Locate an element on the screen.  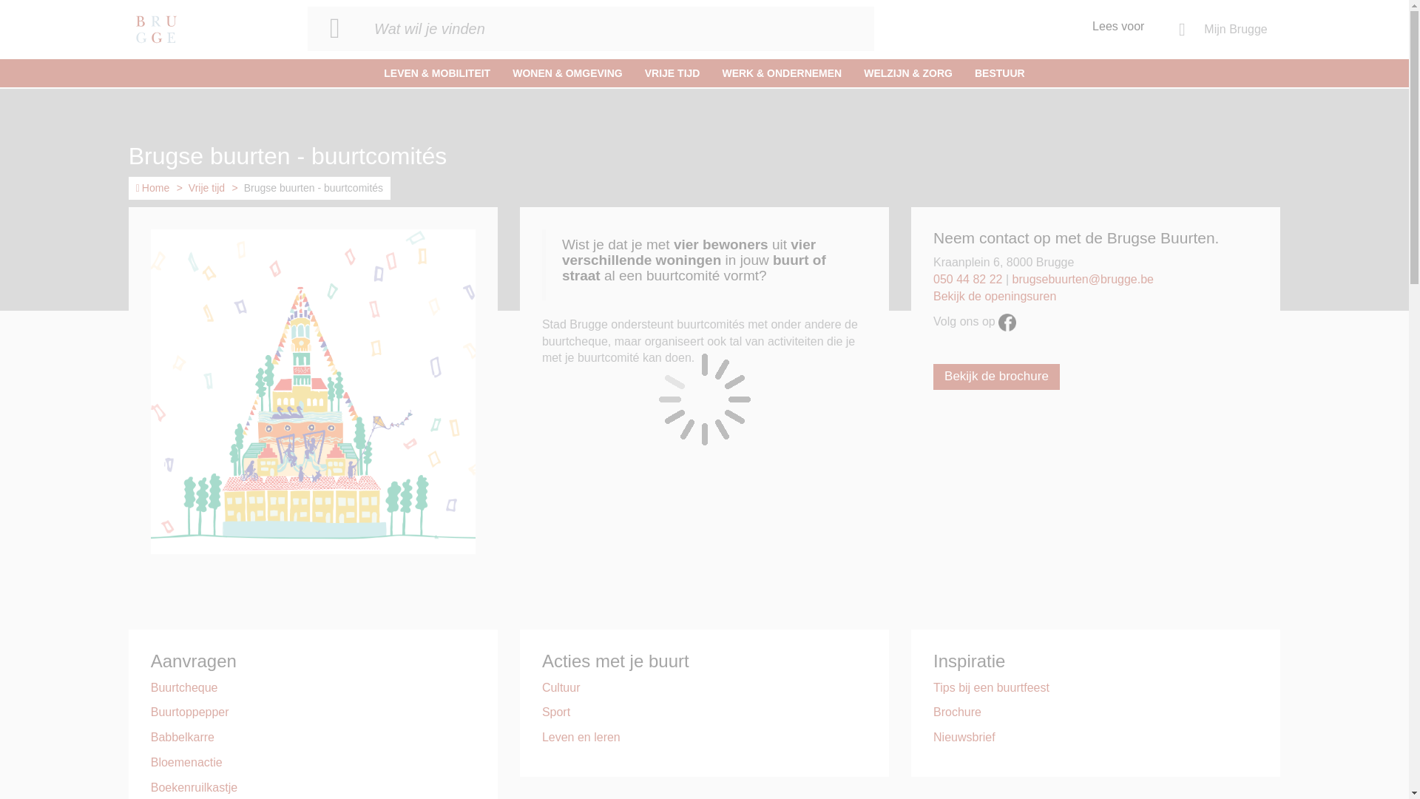
'WERK & ONDERNEMEN' is located at coordinates (710, 73).